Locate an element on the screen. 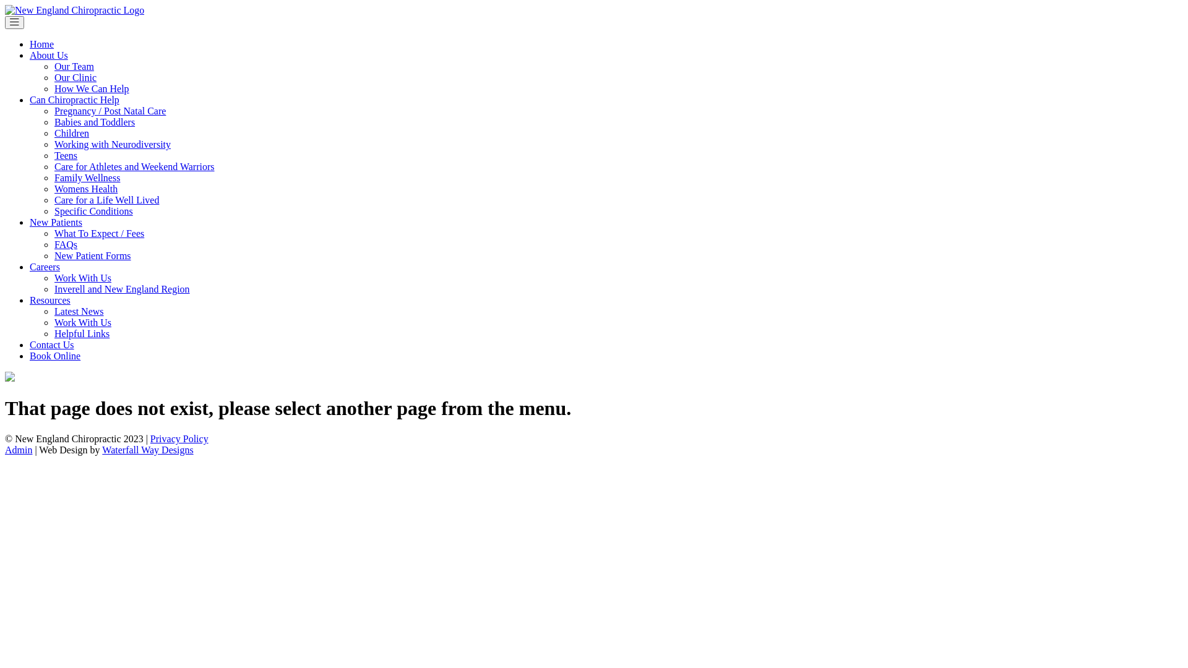 The image size is (1188, 668). 'Helpful Links' is located at coordinates (81, 333).